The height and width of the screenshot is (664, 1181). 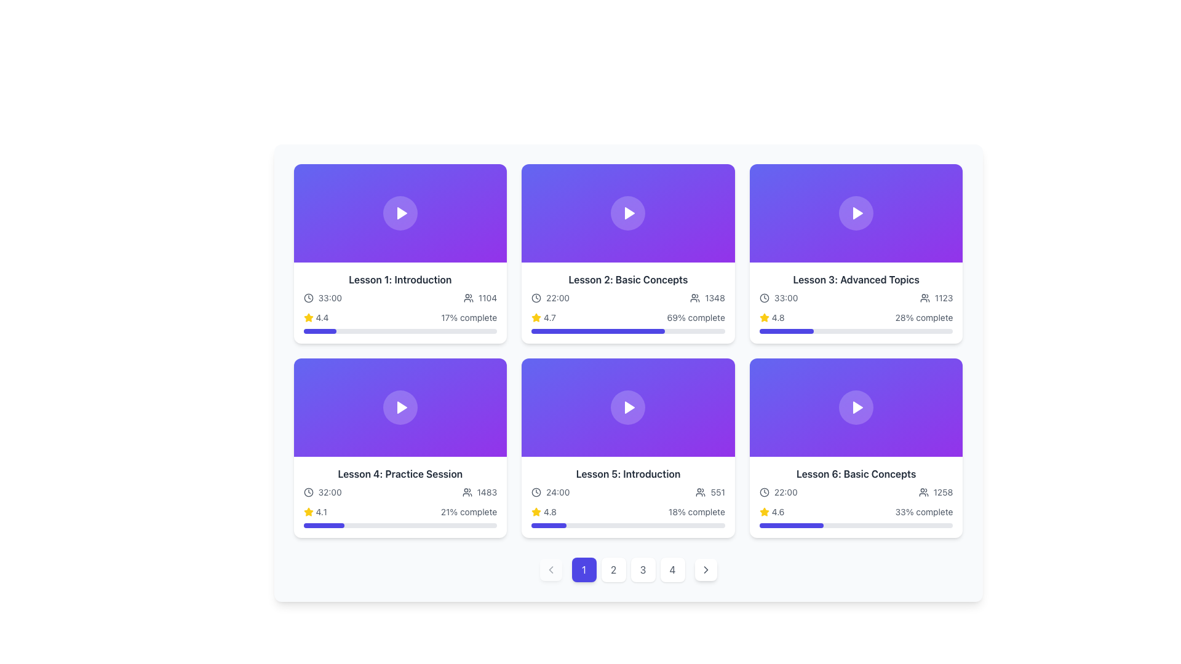 What do you see at coordinates (856, 303) in the screenshot?
I see `the card titled 'Lesson 3: Advanced Topics' located in the top-right section of a 2x3 grid layout` at bounding box center [856, 303].